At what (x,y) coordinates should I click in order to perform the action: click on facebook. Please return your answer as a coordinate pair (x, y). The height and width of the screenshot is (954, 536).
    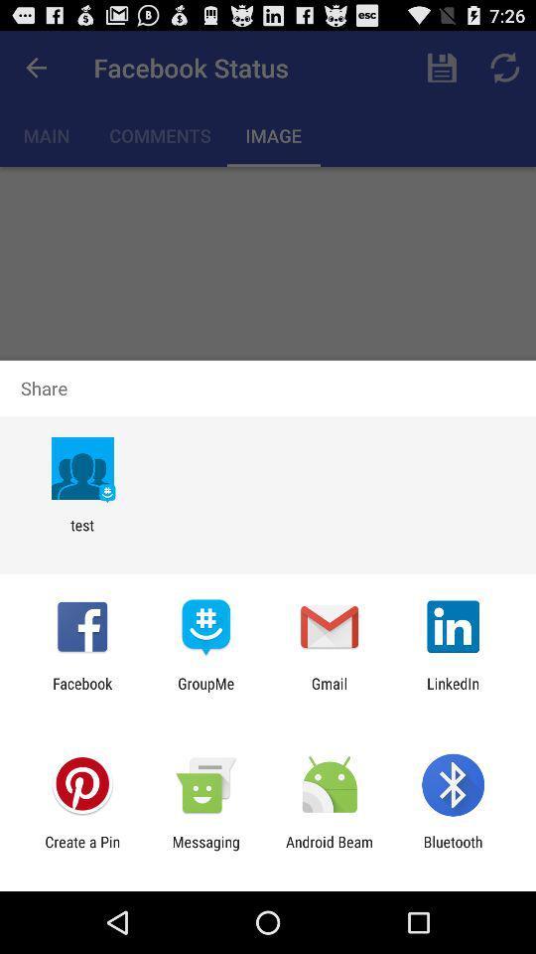
    Looking at the image, I should click on (81, 692).